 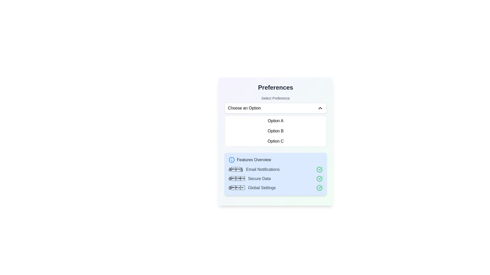 What do you see at coordinates (275, 121) in the screenshot?
I see `the first selectable option 'Option A' in the dropdown menu` at bounding box center [275, 121].